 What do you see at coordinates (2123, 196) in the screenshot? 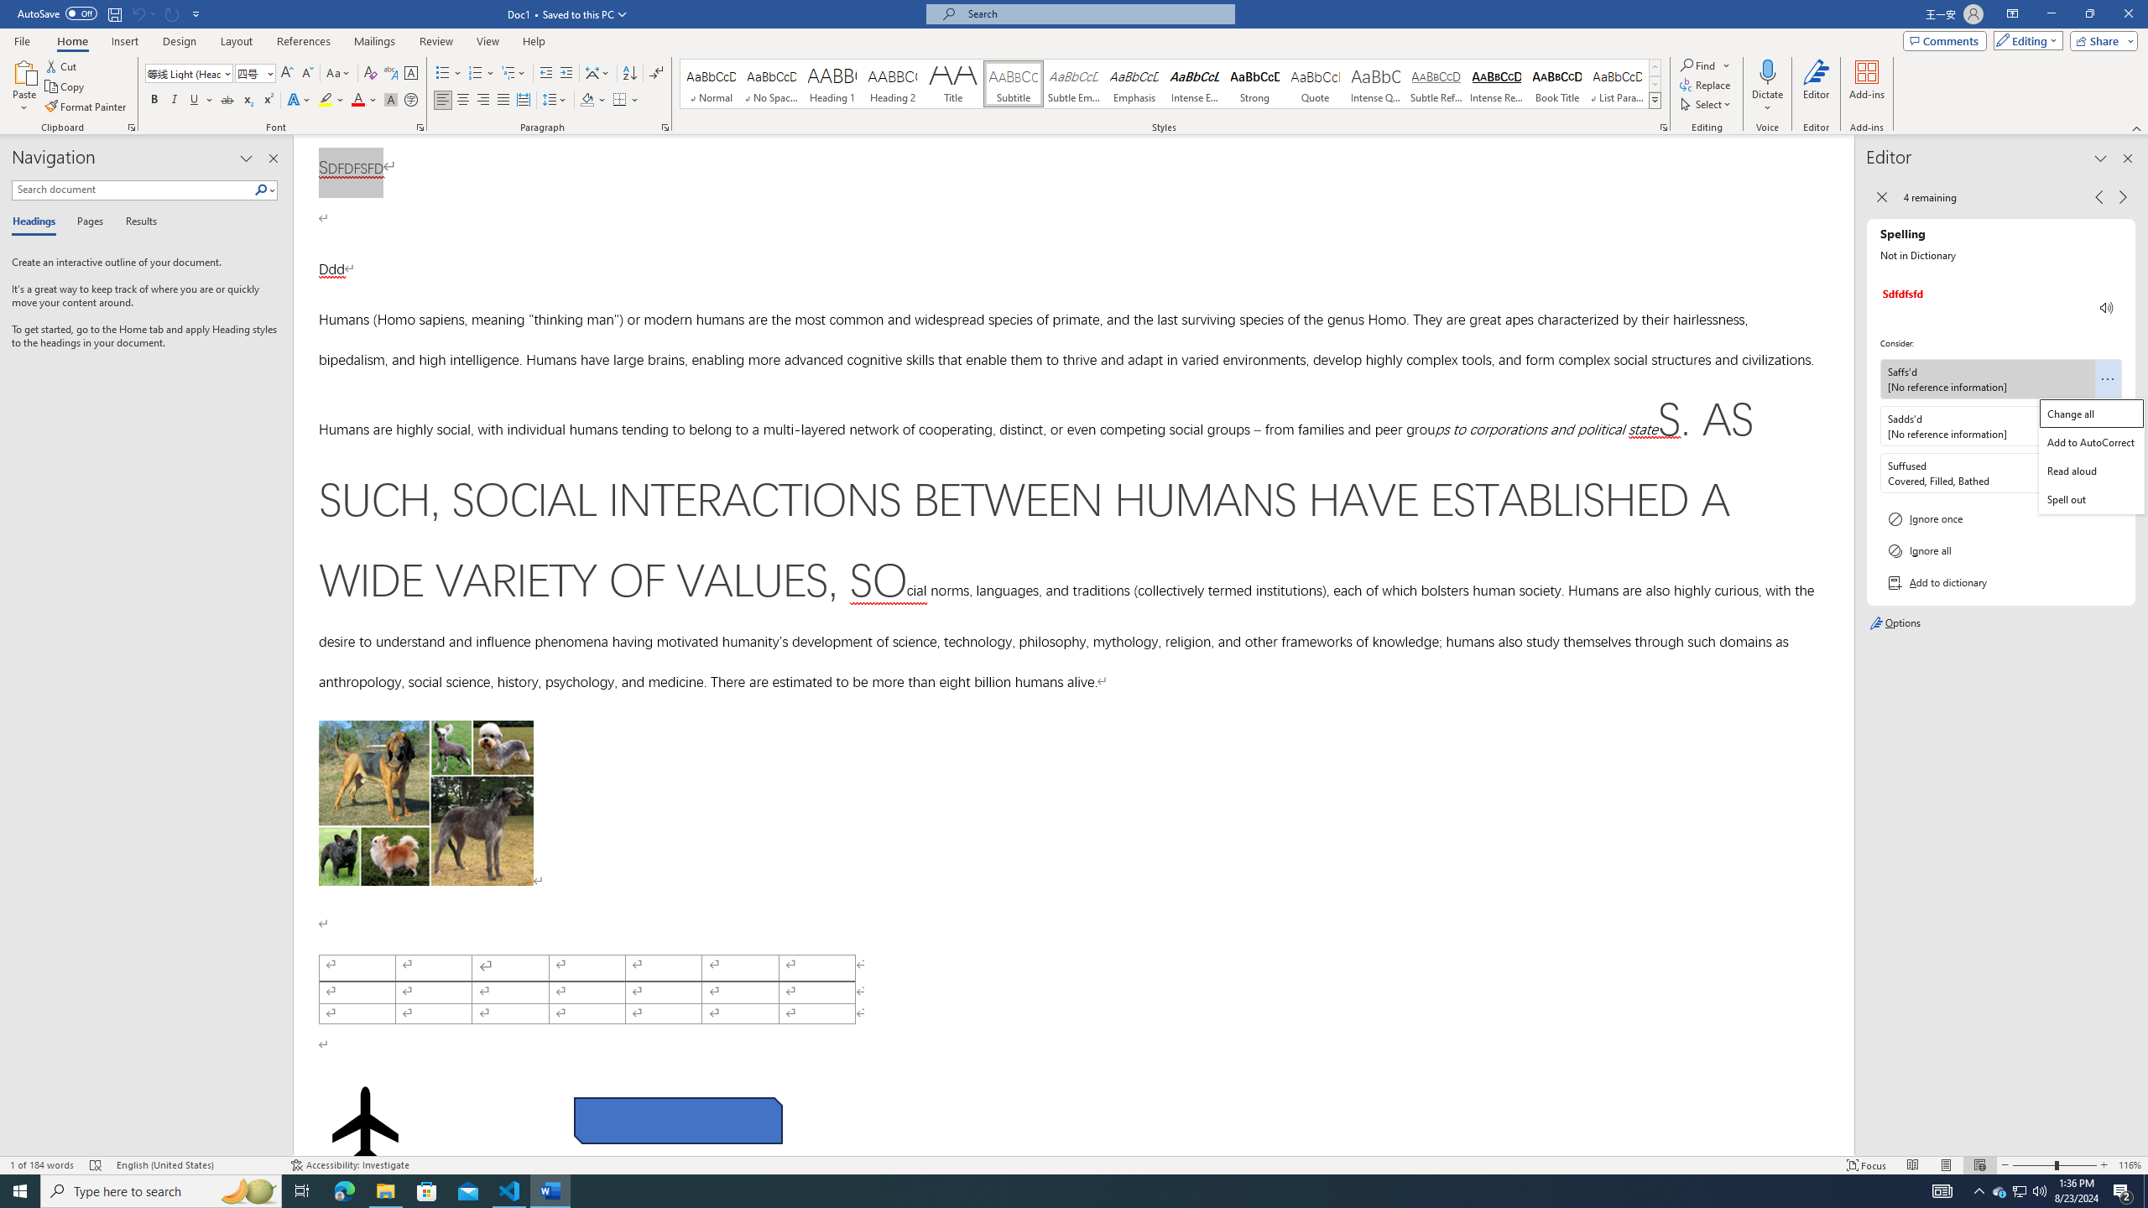
I see `'Next Issue, 4 remaining'` at bounding box center [2123, 196].